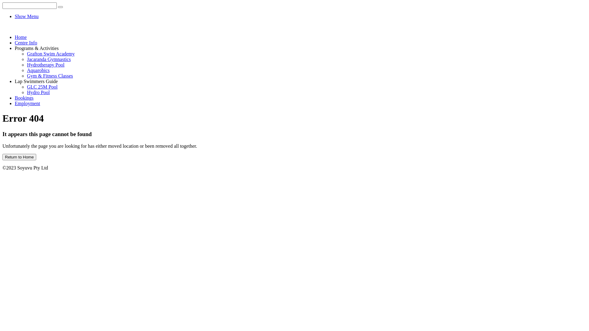  What do you see at coordinates (51, 53) in the screenshot?
I see `'Grafton Swim Academy'` at bounding box center [51, 53].